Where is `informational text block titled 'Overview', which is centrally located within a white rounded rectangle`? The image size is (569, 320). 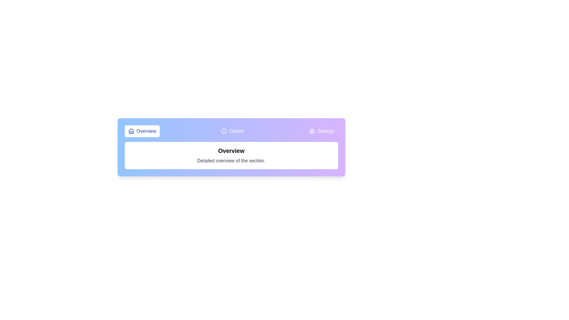
informational text block titled 'Overview', which is centrally located within a white rounded rectangle is located at coordinates (231, 155).